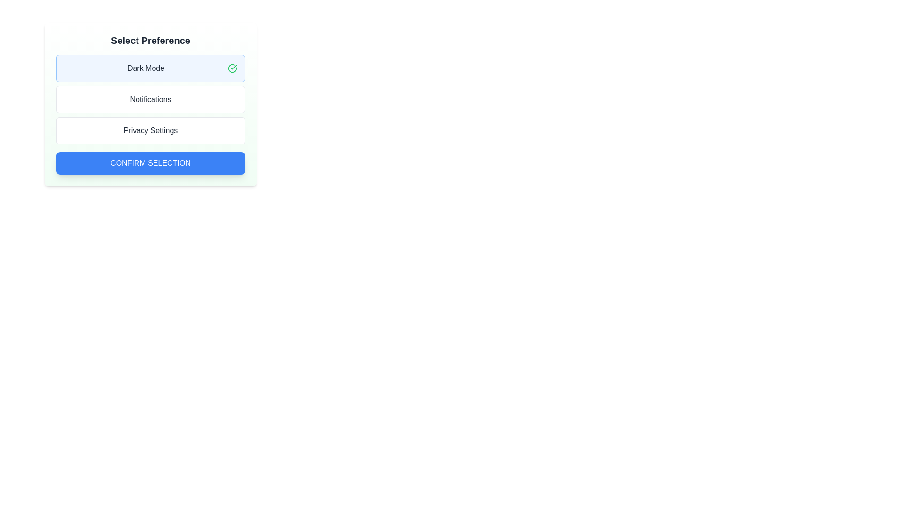 The width and height of the screenshot is (907, 510). Describe the element at coordinates (150, 40) in the screenshot. I see `the text heading displaying 'Select Preference' located at the top of the settings section with a gradient background` at that location.